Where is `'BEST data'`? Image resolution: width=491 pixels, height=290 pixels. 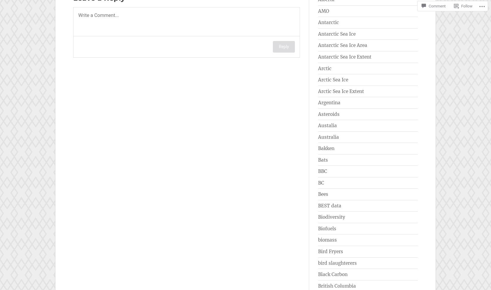
'BEST data' is located at coordinates (329, 205).